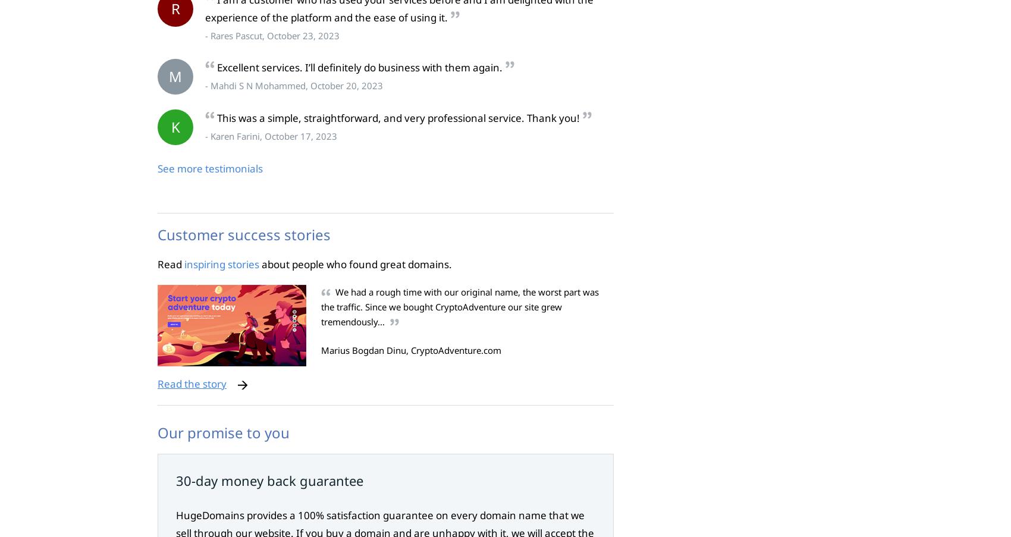  What do you see at coordinates (191, 383) in the screenshot?
I see `'Read the story'` at bounding box center [191, 383].